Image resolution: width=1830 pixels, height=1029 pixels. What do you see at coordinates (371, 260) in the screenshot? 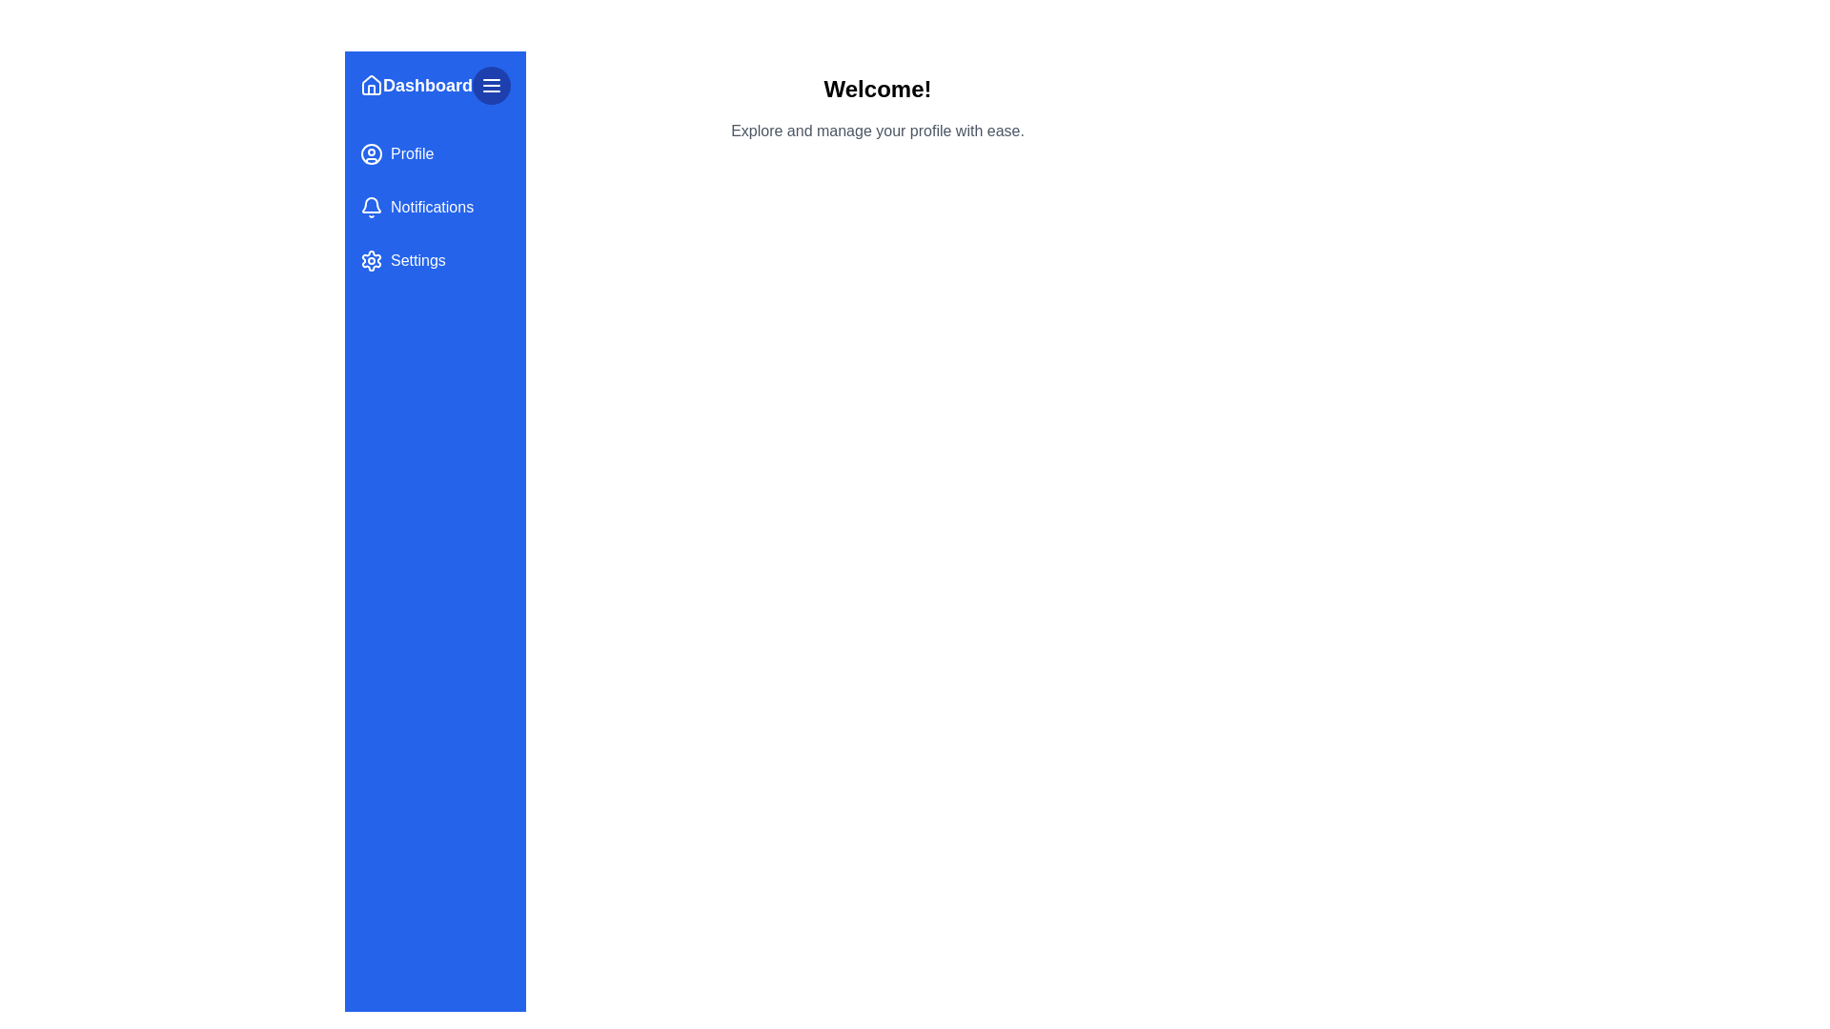
I see `the gear-shaped 'Settings' icon, which has a white outline against a blue background, located on the left navigation panel` at bounding box center [371, 260].